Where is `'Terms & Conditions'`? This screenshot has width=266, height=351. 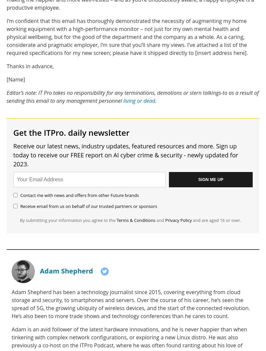 'Terms & Conditions' is located at coordinates (136, 220).